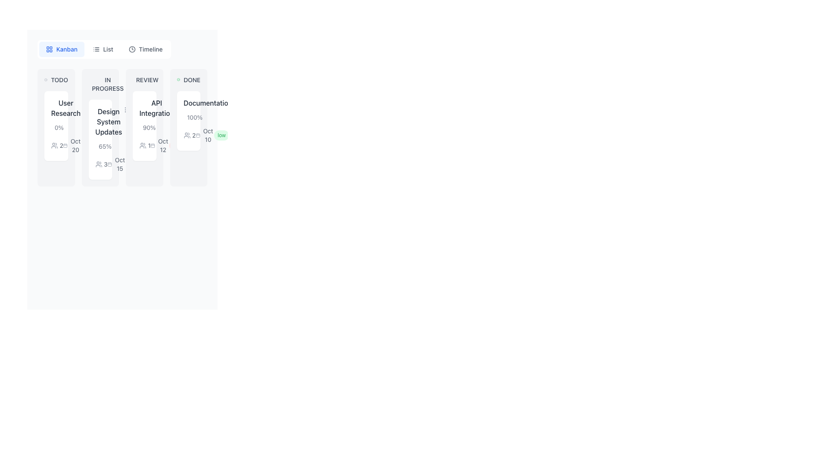 The width and height of the screenshot is (819, 460). What do you see at coordinates (188, 128) in the screenshot?
I see `the 'Documentation' task card in the 'DONE' column of the Kanban board` at bounding box center [188, 128].